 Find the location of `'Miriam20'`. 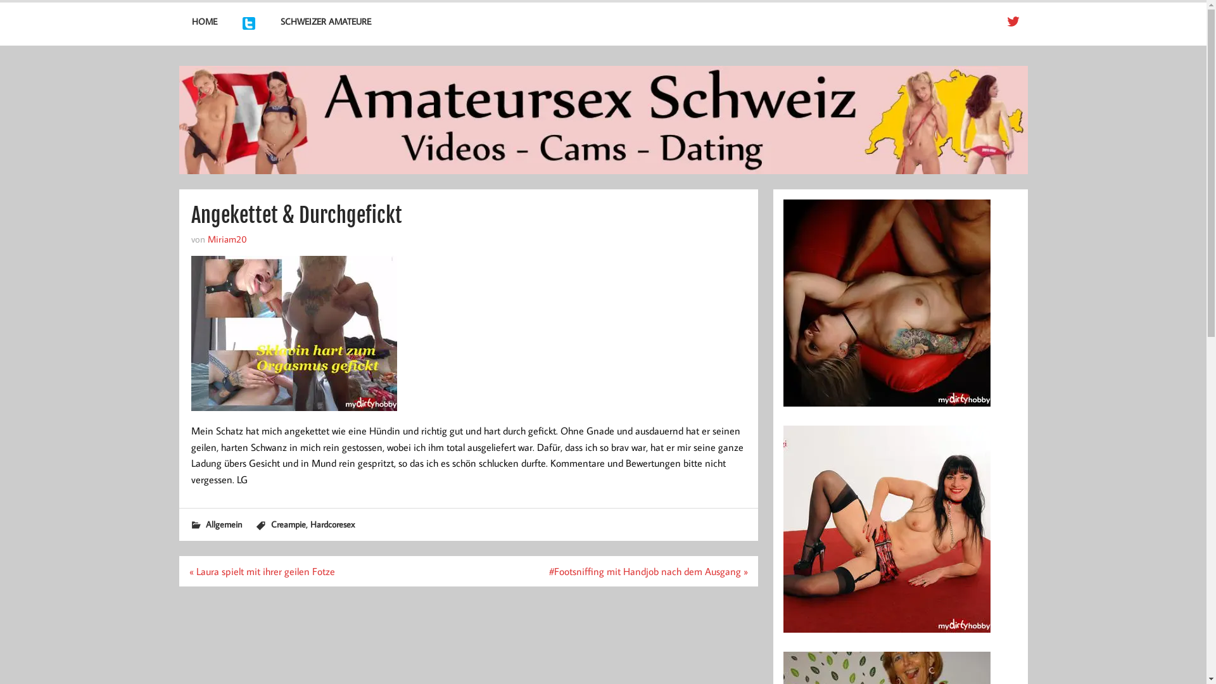

'Miriam20' is located at coordinates (227, 239).